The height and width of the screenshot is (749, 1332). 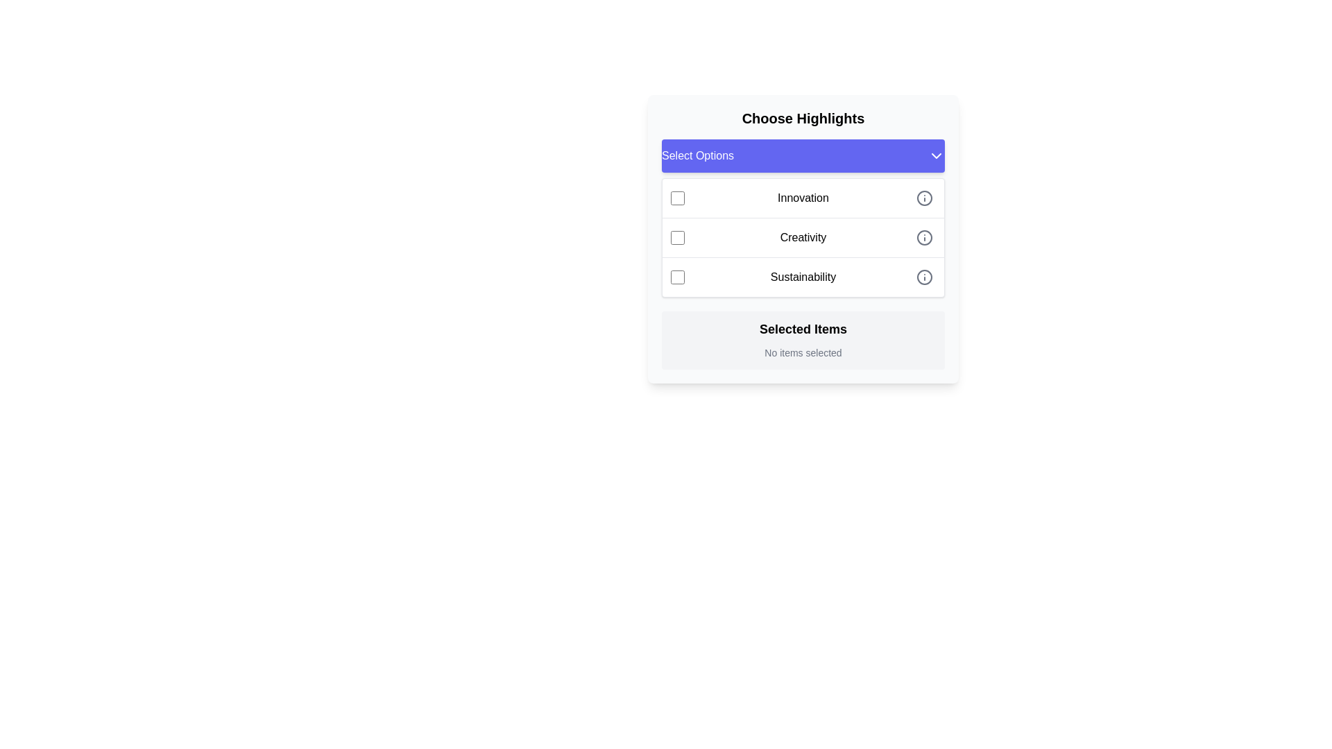 What do you see at coordinates (803, 117) in the screenshot?
I see `the 'Choose Highlights' text element` at bounding box center [803, 117].